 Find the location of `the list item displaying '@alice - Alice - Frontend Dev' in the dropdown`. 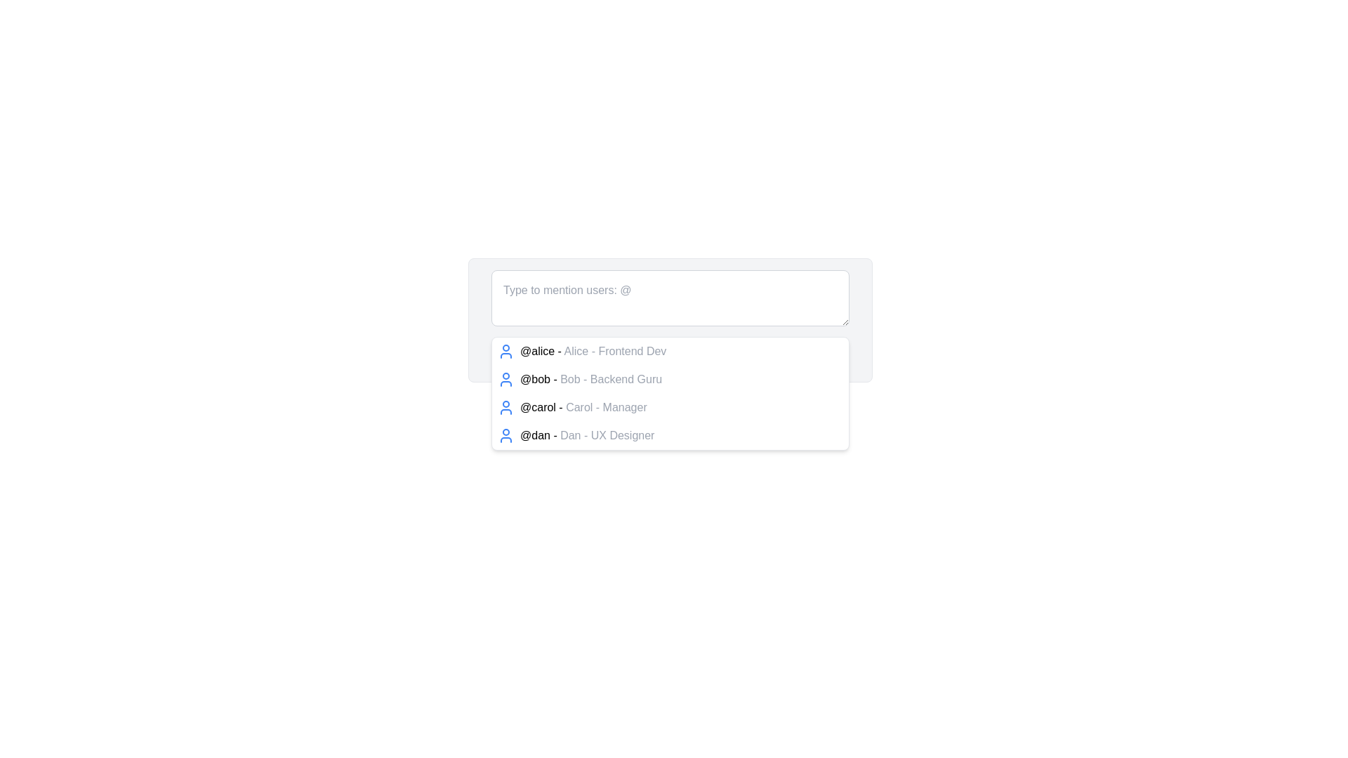

the list item displaying '@alice - Alice - Frontend Dev' in the dropdown is located at coordinates (593, 351).